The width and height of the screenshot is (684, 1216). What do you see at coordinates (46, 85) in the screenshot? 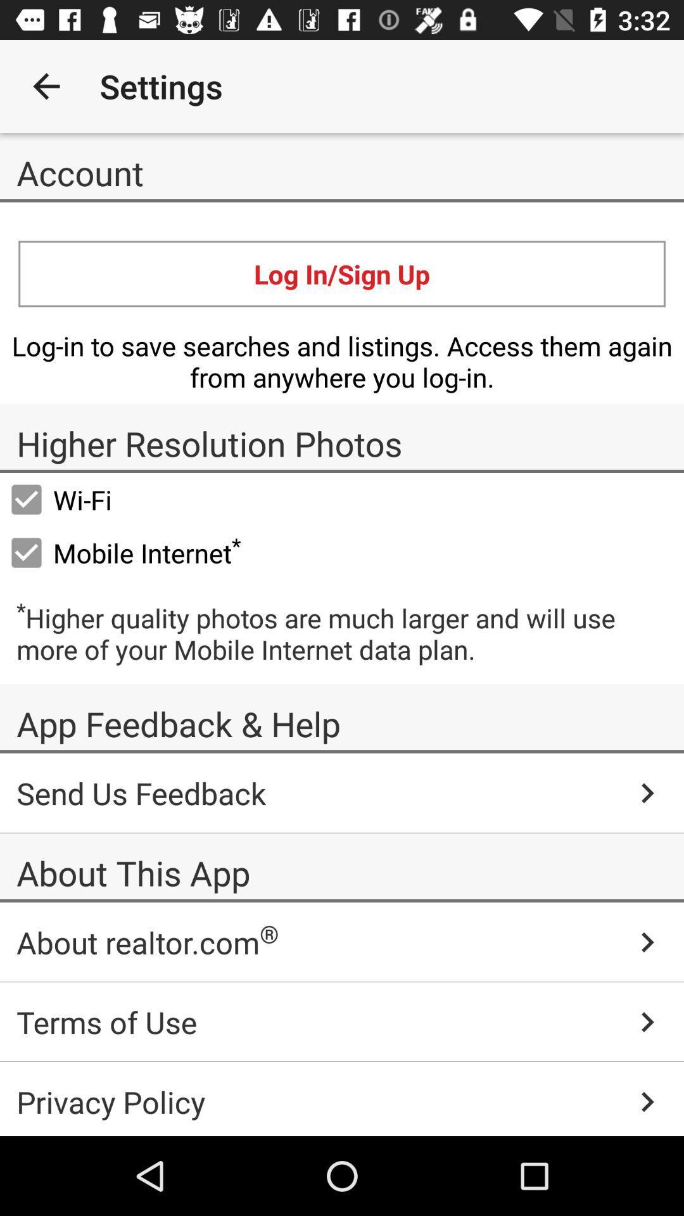
I see `icon to the left of settings` at bounding box center [46, 85].